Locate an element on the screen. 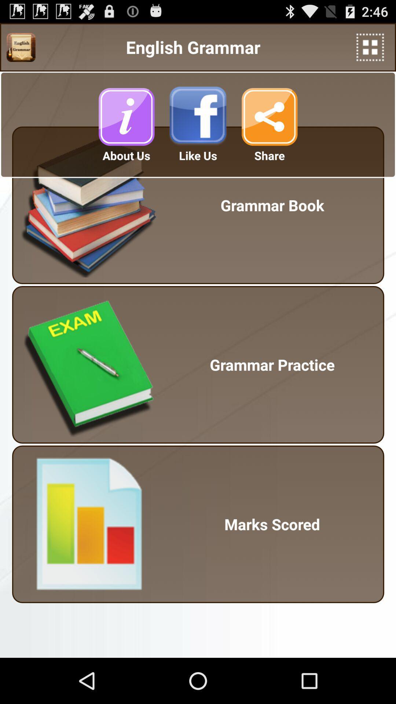 This screenshot has height=704, width=396. the app to the left of english grammar icon is located at coordinates (21, 47).